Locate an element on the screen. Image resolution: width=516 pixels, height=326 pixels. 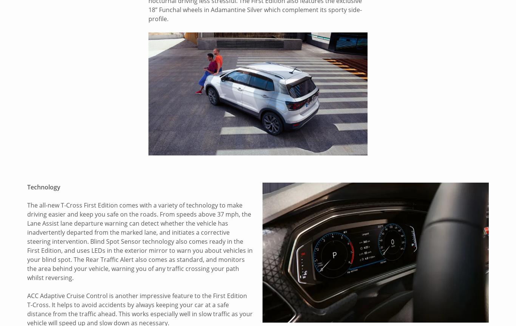
'Copyright © 2004-2023 Listers Group Limited. All rights reserved.' is located at coordinates (110, 285).